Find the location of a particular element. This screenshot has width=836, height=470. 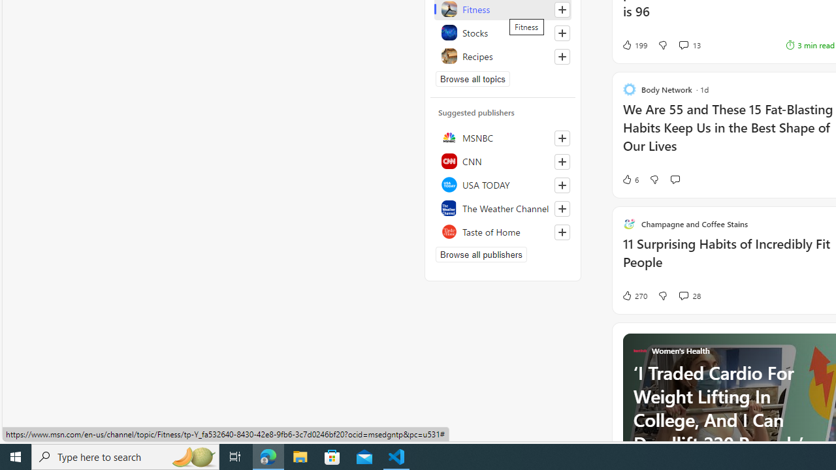

'Taste of Home' is located at coordinates (502, 230).